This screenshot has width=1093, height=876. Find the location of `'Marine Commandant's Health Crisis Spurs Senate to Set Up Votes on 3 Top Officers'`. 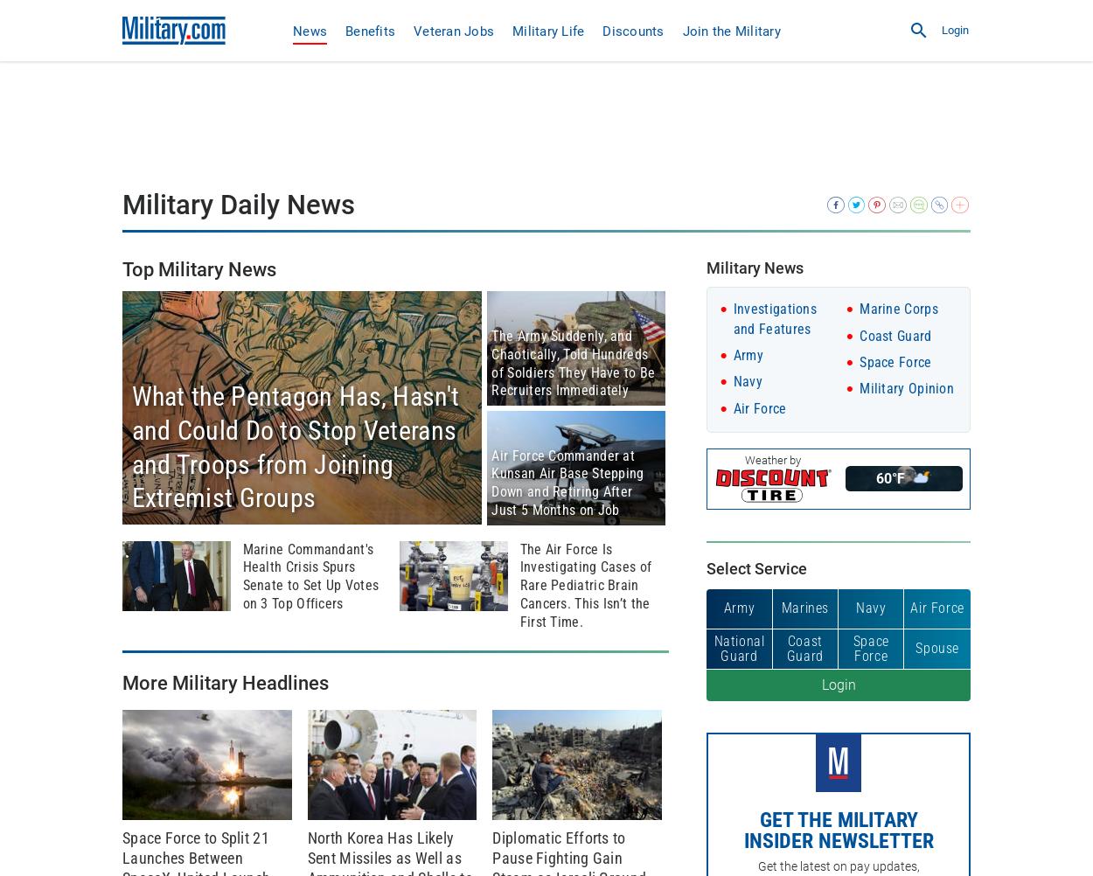

'Marine Commandant's Health Crisis Spurs Senate to Set Up Votes on 3 Top Officers' is located at coordinates (309, 574).